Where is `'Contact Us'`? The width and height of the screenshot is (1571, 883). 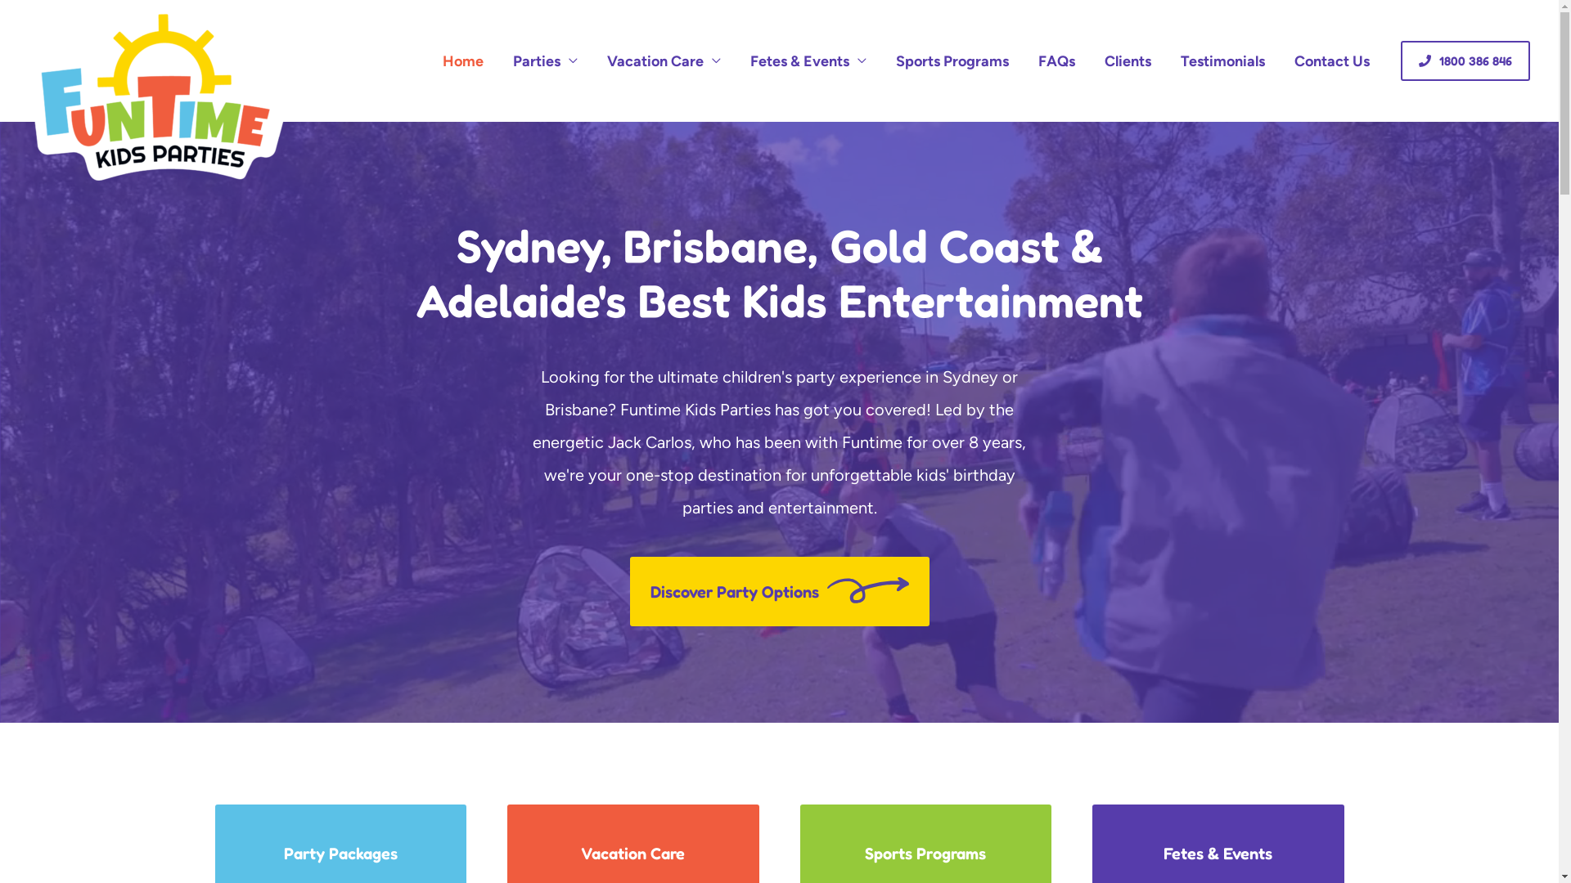 'Contact Us' is located at coordinates (1331, 60).